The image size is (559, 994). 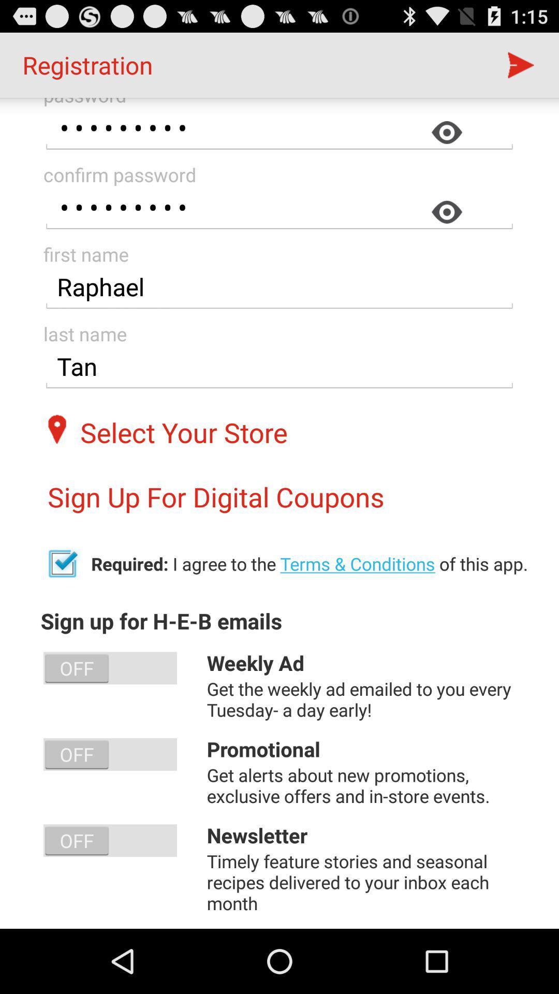 I want to click on the visibility icon, so click(x=450, y=143).